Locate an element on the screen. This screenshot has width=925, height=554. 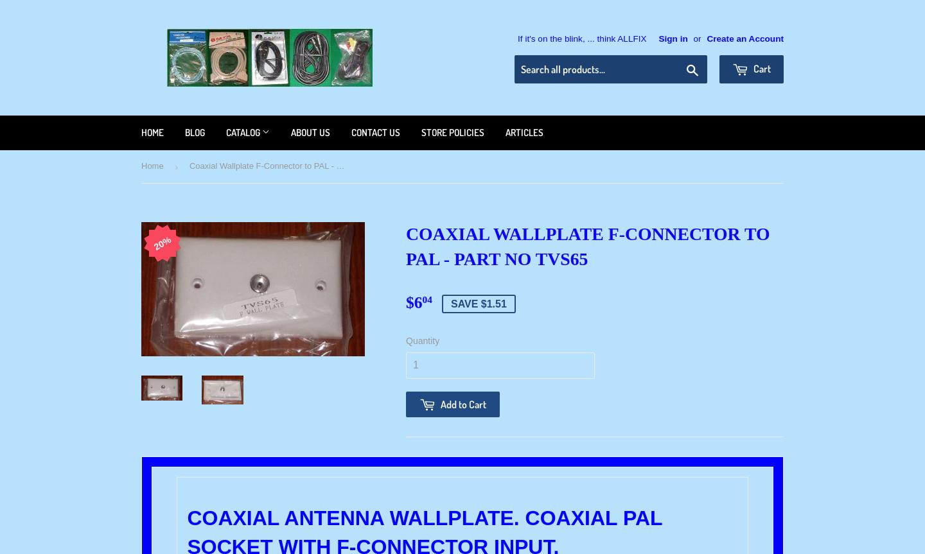
'Electrical Items' is located at coordinates (255, 318).